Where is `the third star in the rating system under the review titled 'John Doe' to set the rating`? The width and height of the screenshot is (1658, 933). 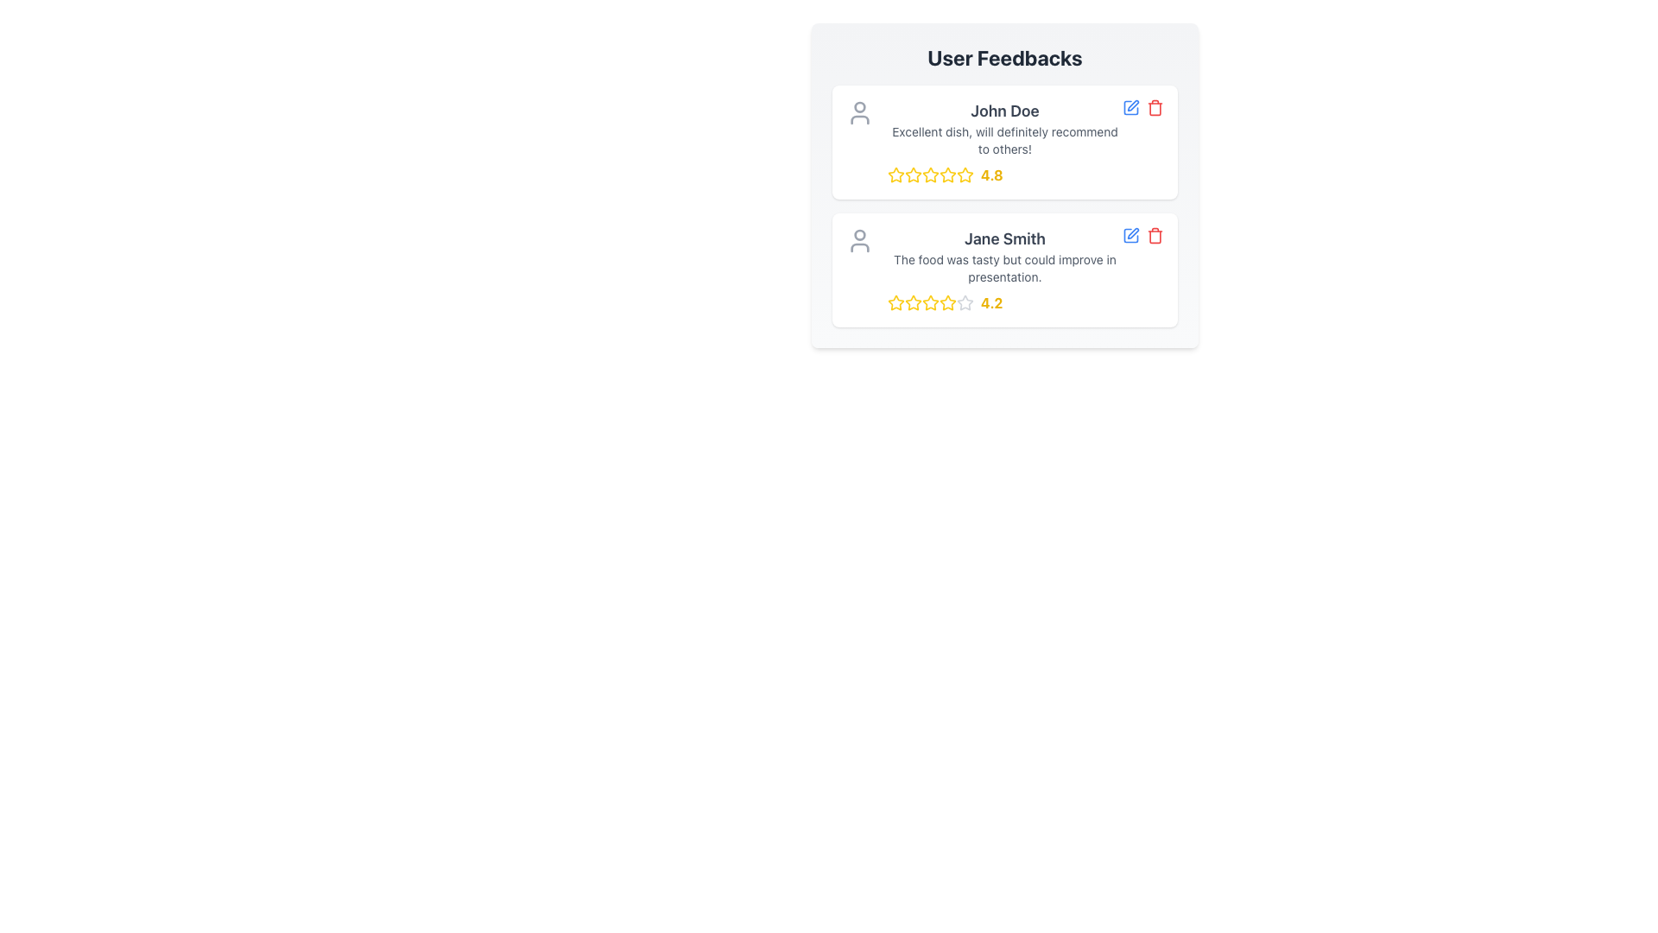
the third star in the rating system under the review titled 'John Doe' to set the rating is located at coordinates (911, 174).